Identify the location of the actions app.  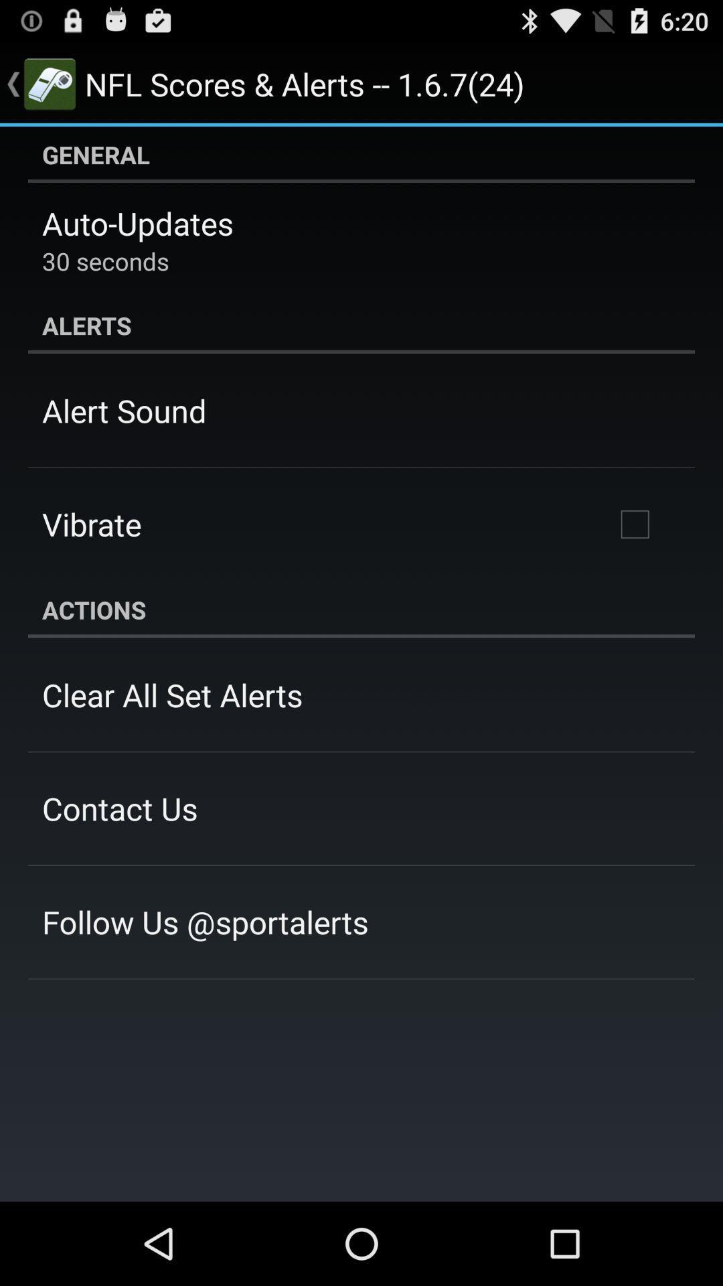
(361, 609).